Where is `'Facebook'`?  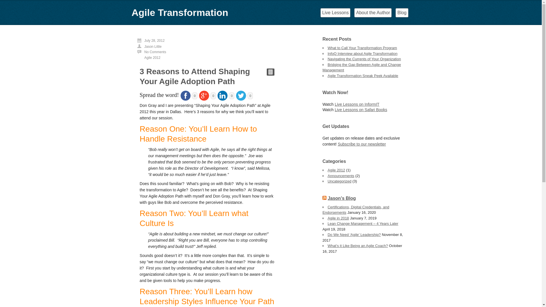 'Facebook' is located at coordinates (185, 95).